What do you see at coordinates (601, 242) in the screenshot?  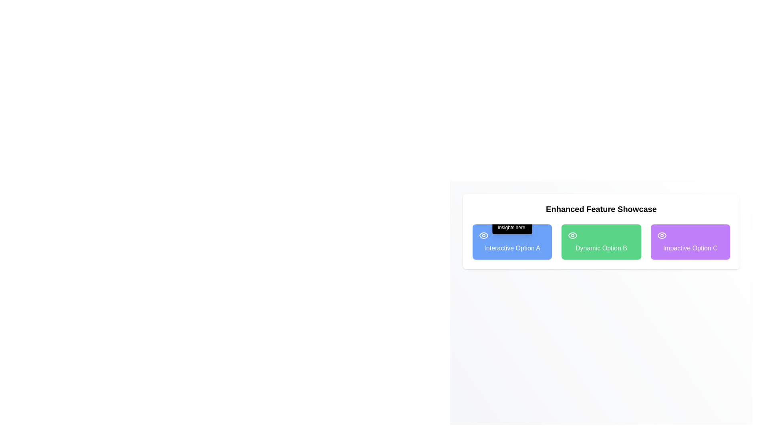 I see `the middle card in the 'Enhanced Feature Showcase' section, which serves as a selectable tile related to 'Dynamic Option B'` at bounding box center [601, 242].